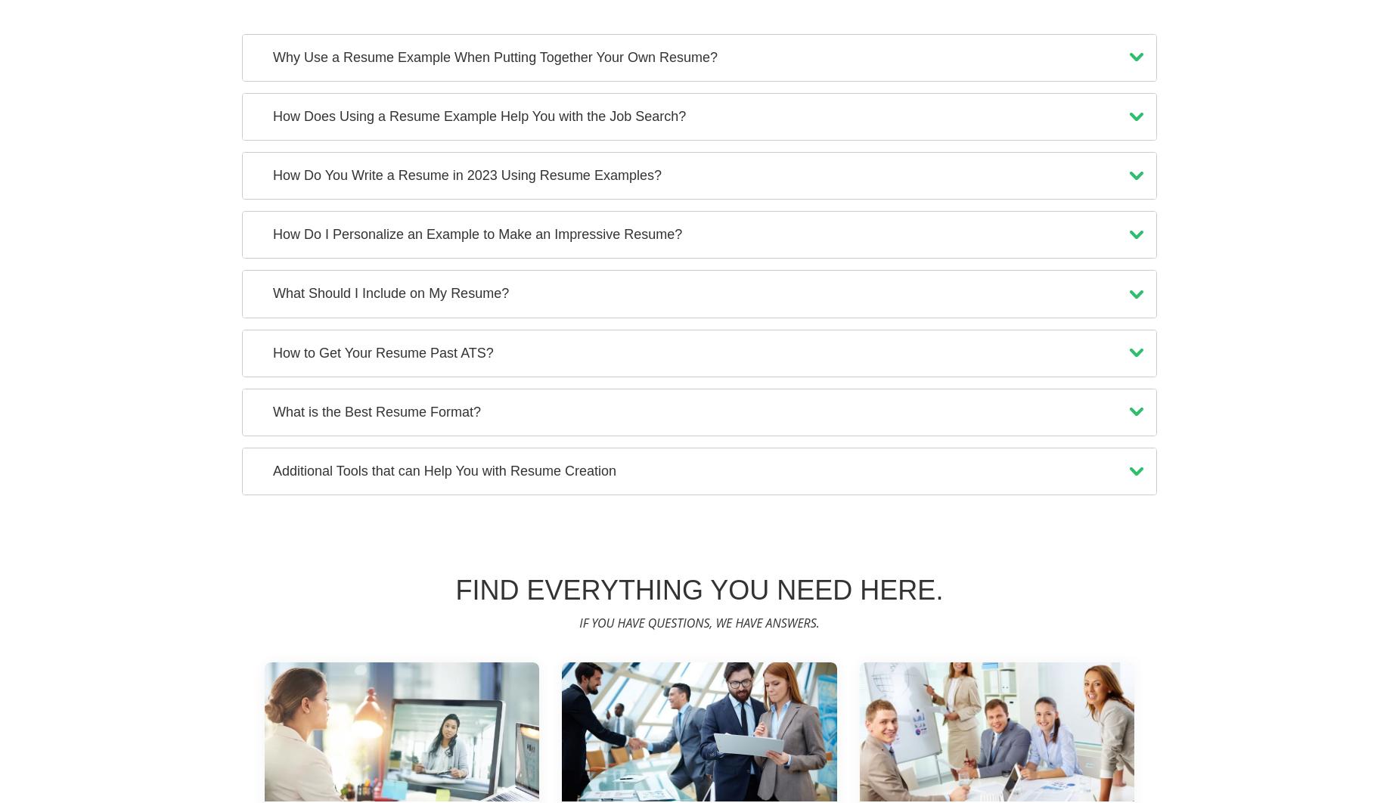 This screenshot has width=1399, height=803. What do you see at coordinates (383, 352) in the screenshot?
I see `'How to Get Your Resume Past ATS?'` at bounding box center [383, 352].